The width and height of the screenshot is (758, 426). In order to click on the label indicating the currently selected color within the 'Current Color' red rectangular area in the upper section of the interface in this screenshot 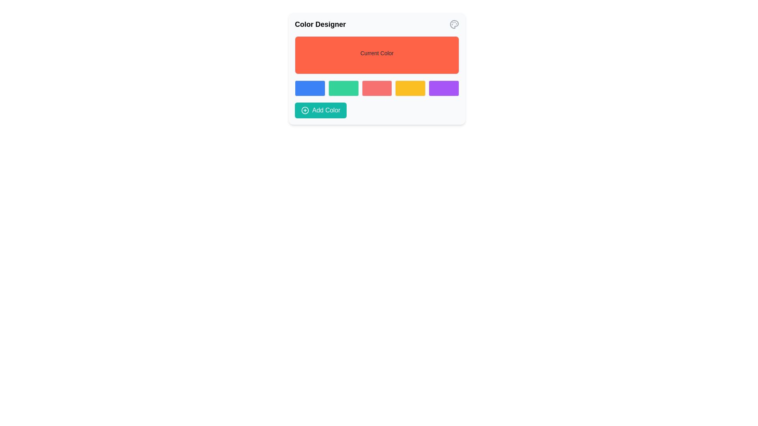, I will do `click(377, 53)`.